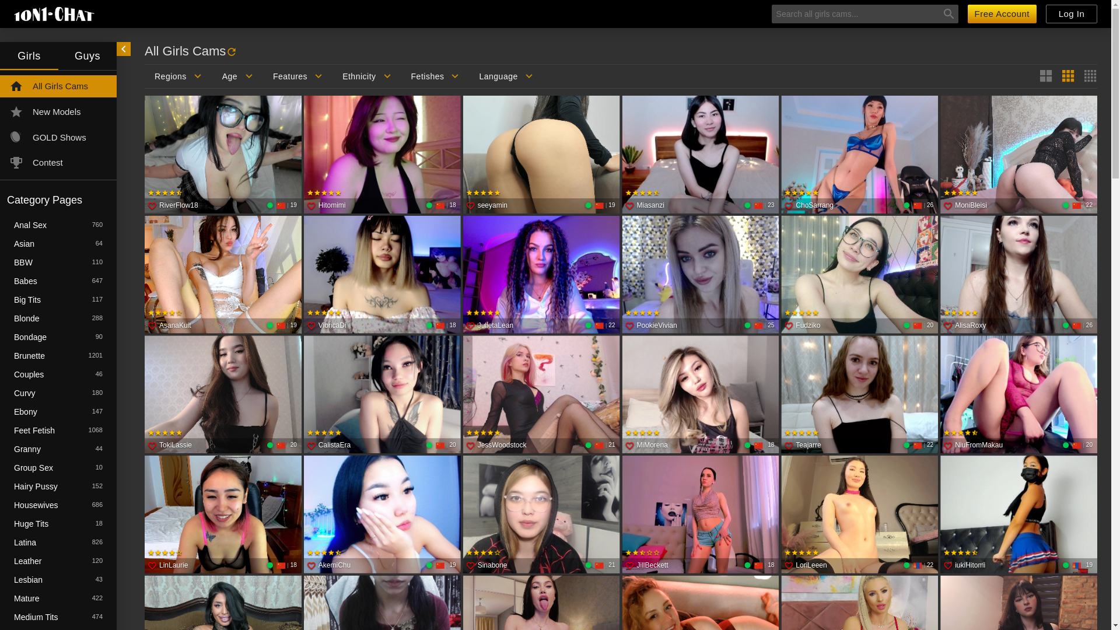  Describe the element at coordinates (469, 76) in the screenshot. I see `'Language'` at that location.